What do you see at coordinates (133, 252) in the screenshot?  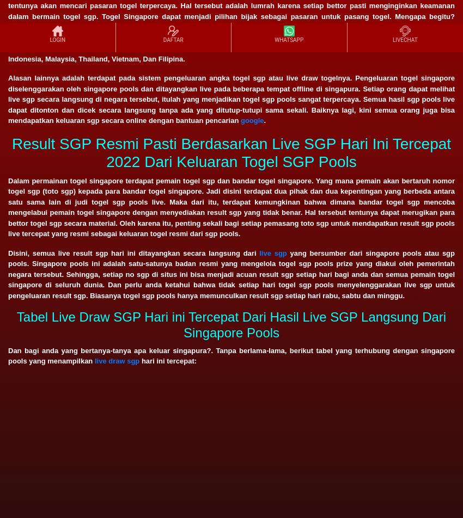 I see `'Disini, semua live result sgp hari ini ditayangkan secara langsung dari'` at bounding box center [133, 252].